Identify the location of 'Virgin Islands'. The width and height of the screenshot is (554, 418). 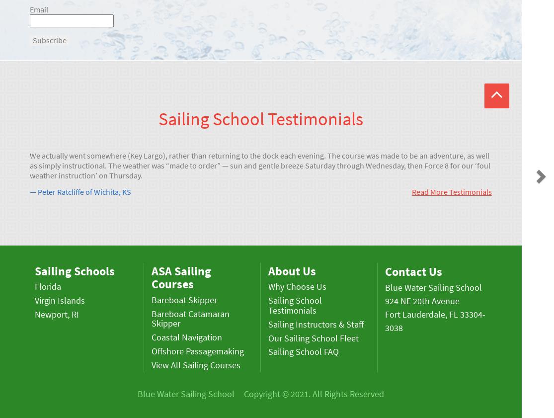
(35, 300).